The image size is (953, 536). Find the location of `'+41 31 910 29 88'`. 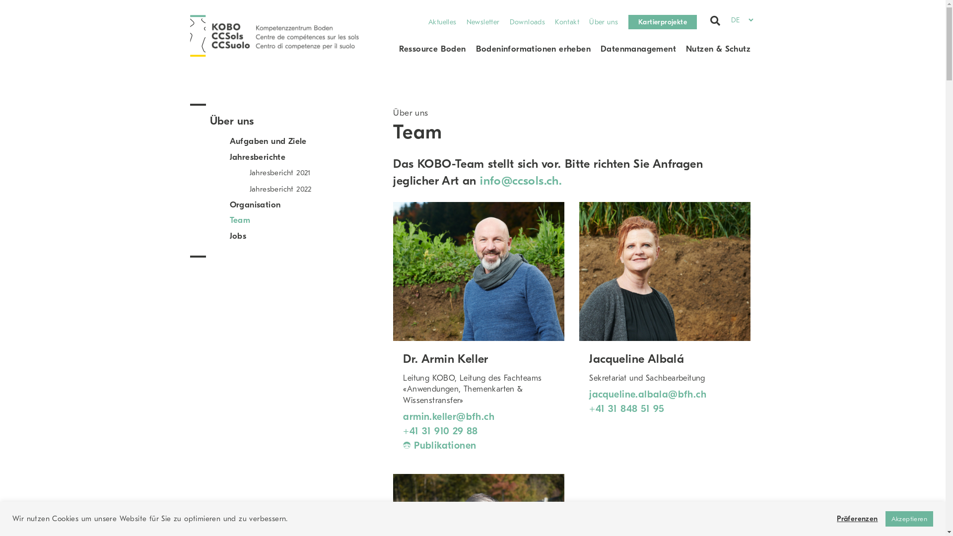

'+41 31 910 29 88' is located at coordinates (440, 430).